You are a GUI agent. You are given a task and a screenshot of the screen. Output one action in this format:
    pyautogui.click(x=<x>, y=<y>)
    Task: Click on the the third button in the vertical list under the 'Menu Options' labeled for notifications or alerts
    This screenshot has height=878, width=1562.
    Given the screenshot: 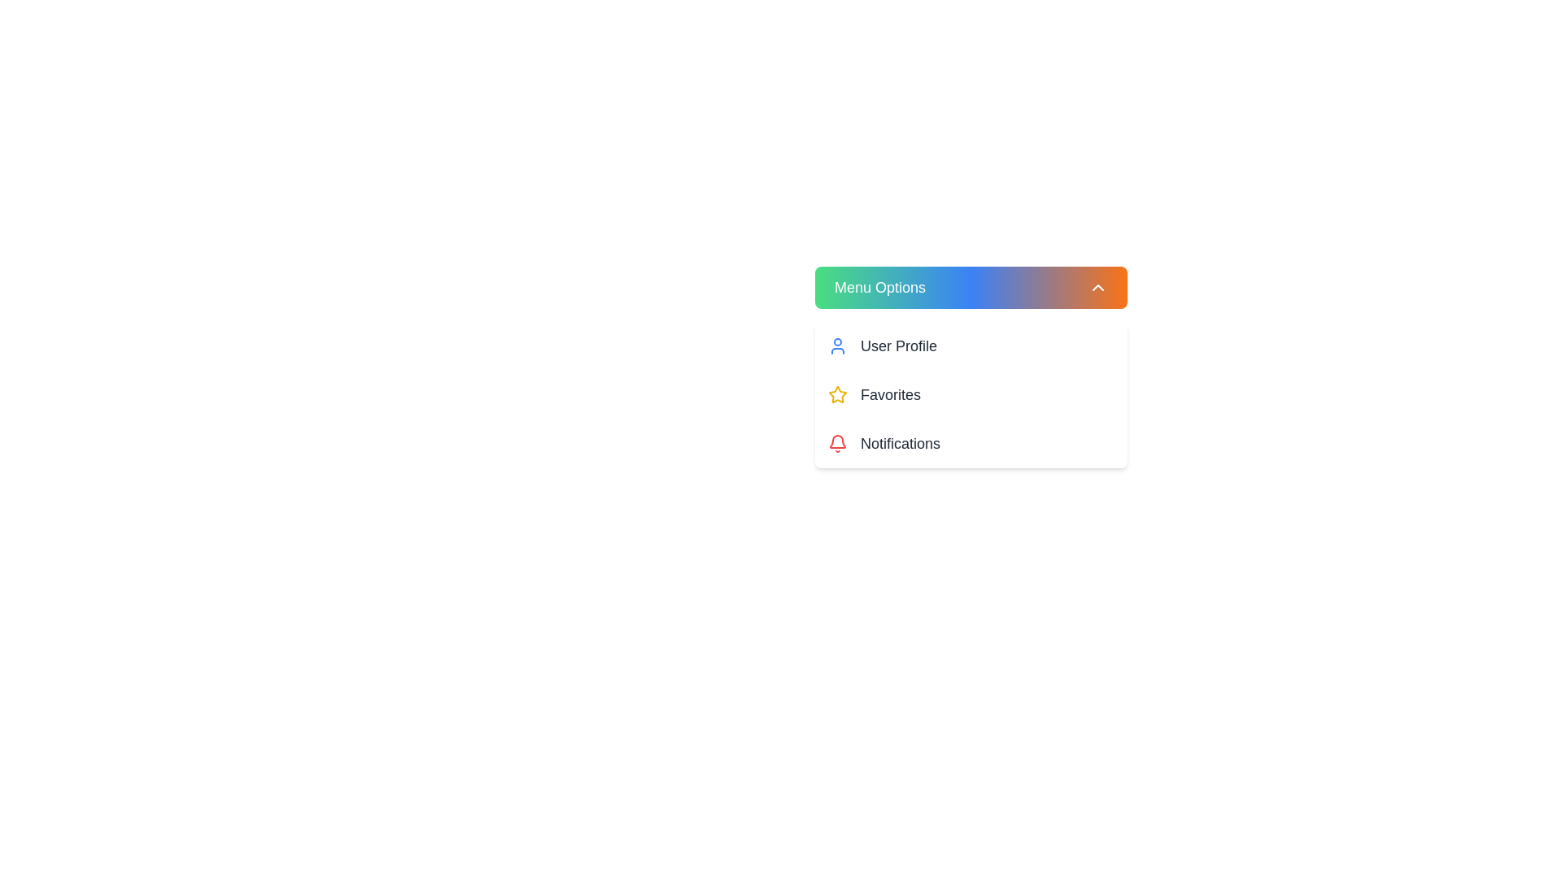 What is the action you would take?
    pyautogui.click(x=971, y=444)
    